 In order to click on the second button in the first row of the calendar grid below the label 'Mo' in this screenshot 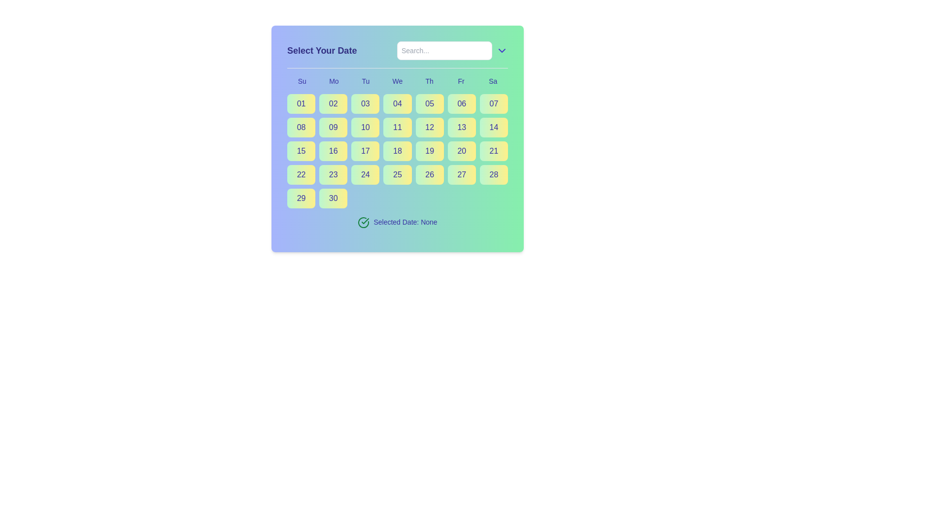, I will do `click(333, 104)`.